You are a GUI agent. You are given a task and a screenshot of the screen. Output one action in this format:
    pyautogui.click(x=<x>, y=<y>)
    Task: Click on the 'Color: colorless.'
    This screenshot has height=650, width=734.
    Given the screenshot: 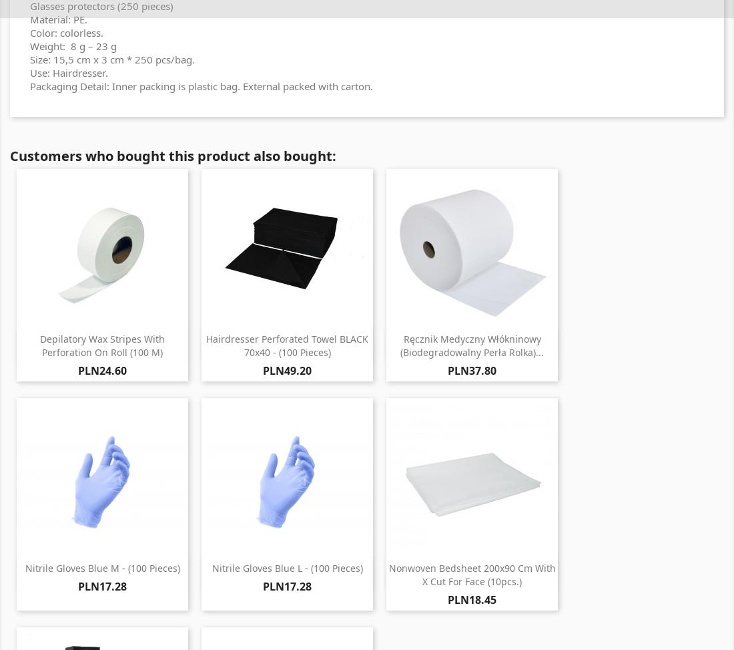 What is the action you would take?
    pyautogui.click(x=66, y=33)
    